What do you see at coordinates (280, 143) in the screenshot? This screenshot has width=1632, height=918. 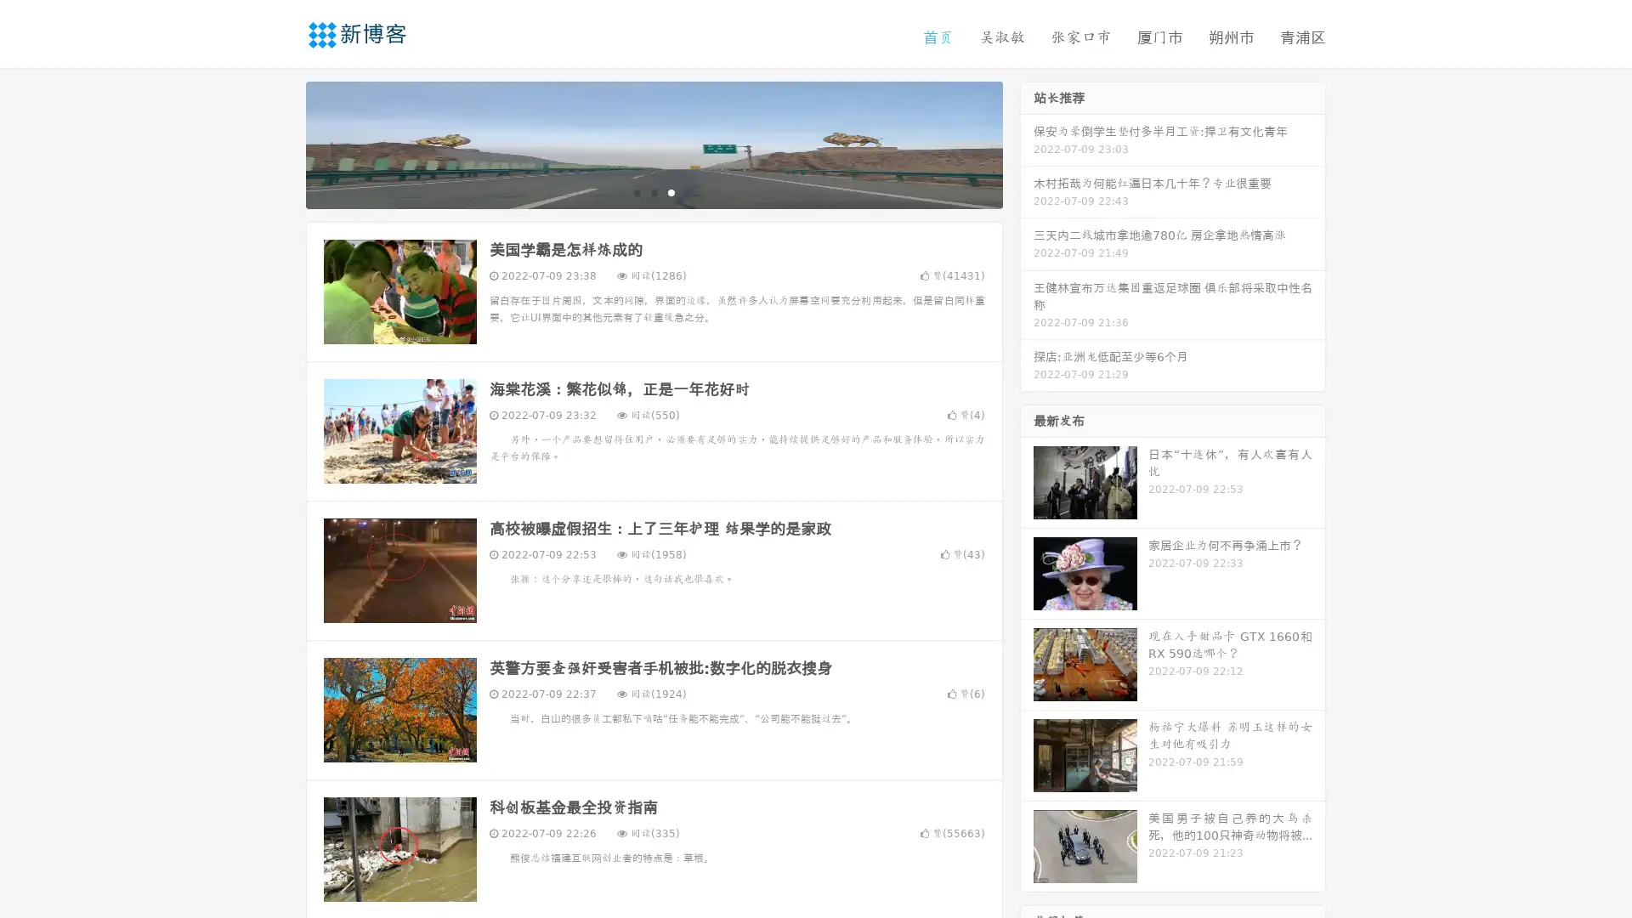 I see `Previous slide` at bounding box center [280, 143].